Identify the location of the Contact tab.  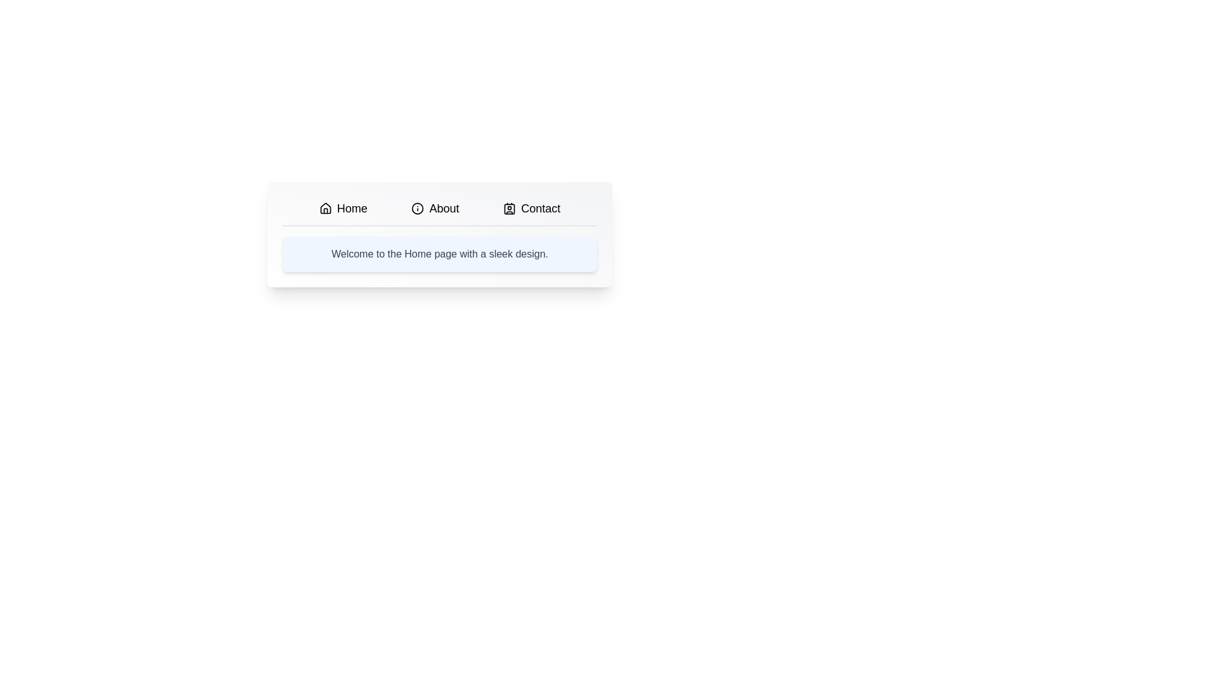
(532, 207).